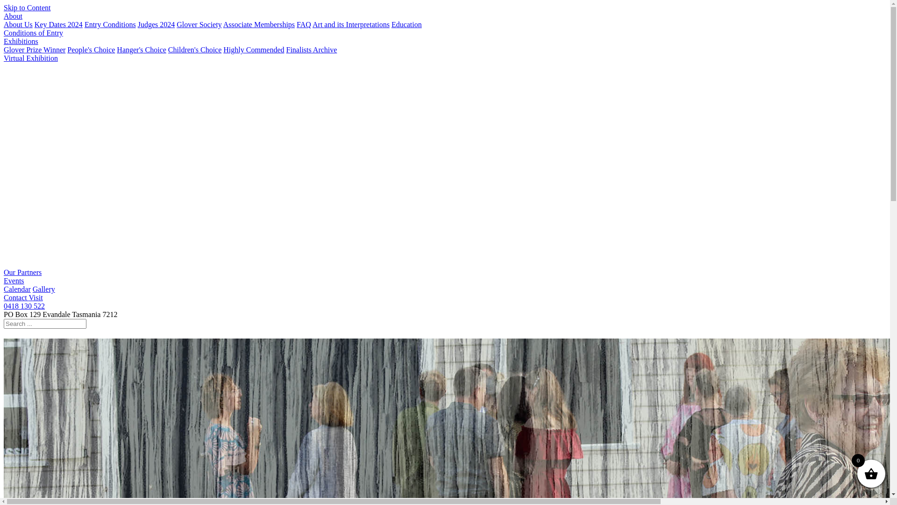 This screenshot has height=505, width=897. What do you see at coordinates (44, 323) in the screenshot?
I see `'Search for:'` at bounding box center [44, 323].